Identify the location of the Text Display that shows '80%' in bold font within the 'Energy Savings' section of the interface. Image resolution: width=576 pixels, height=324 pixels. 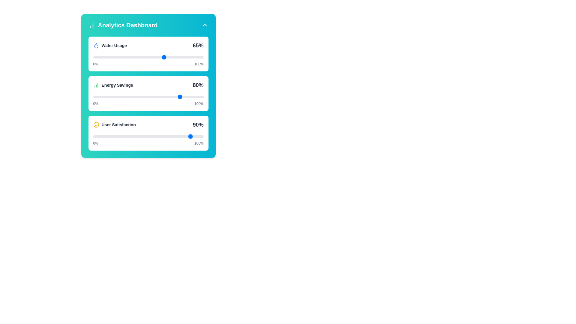
(198, 85).